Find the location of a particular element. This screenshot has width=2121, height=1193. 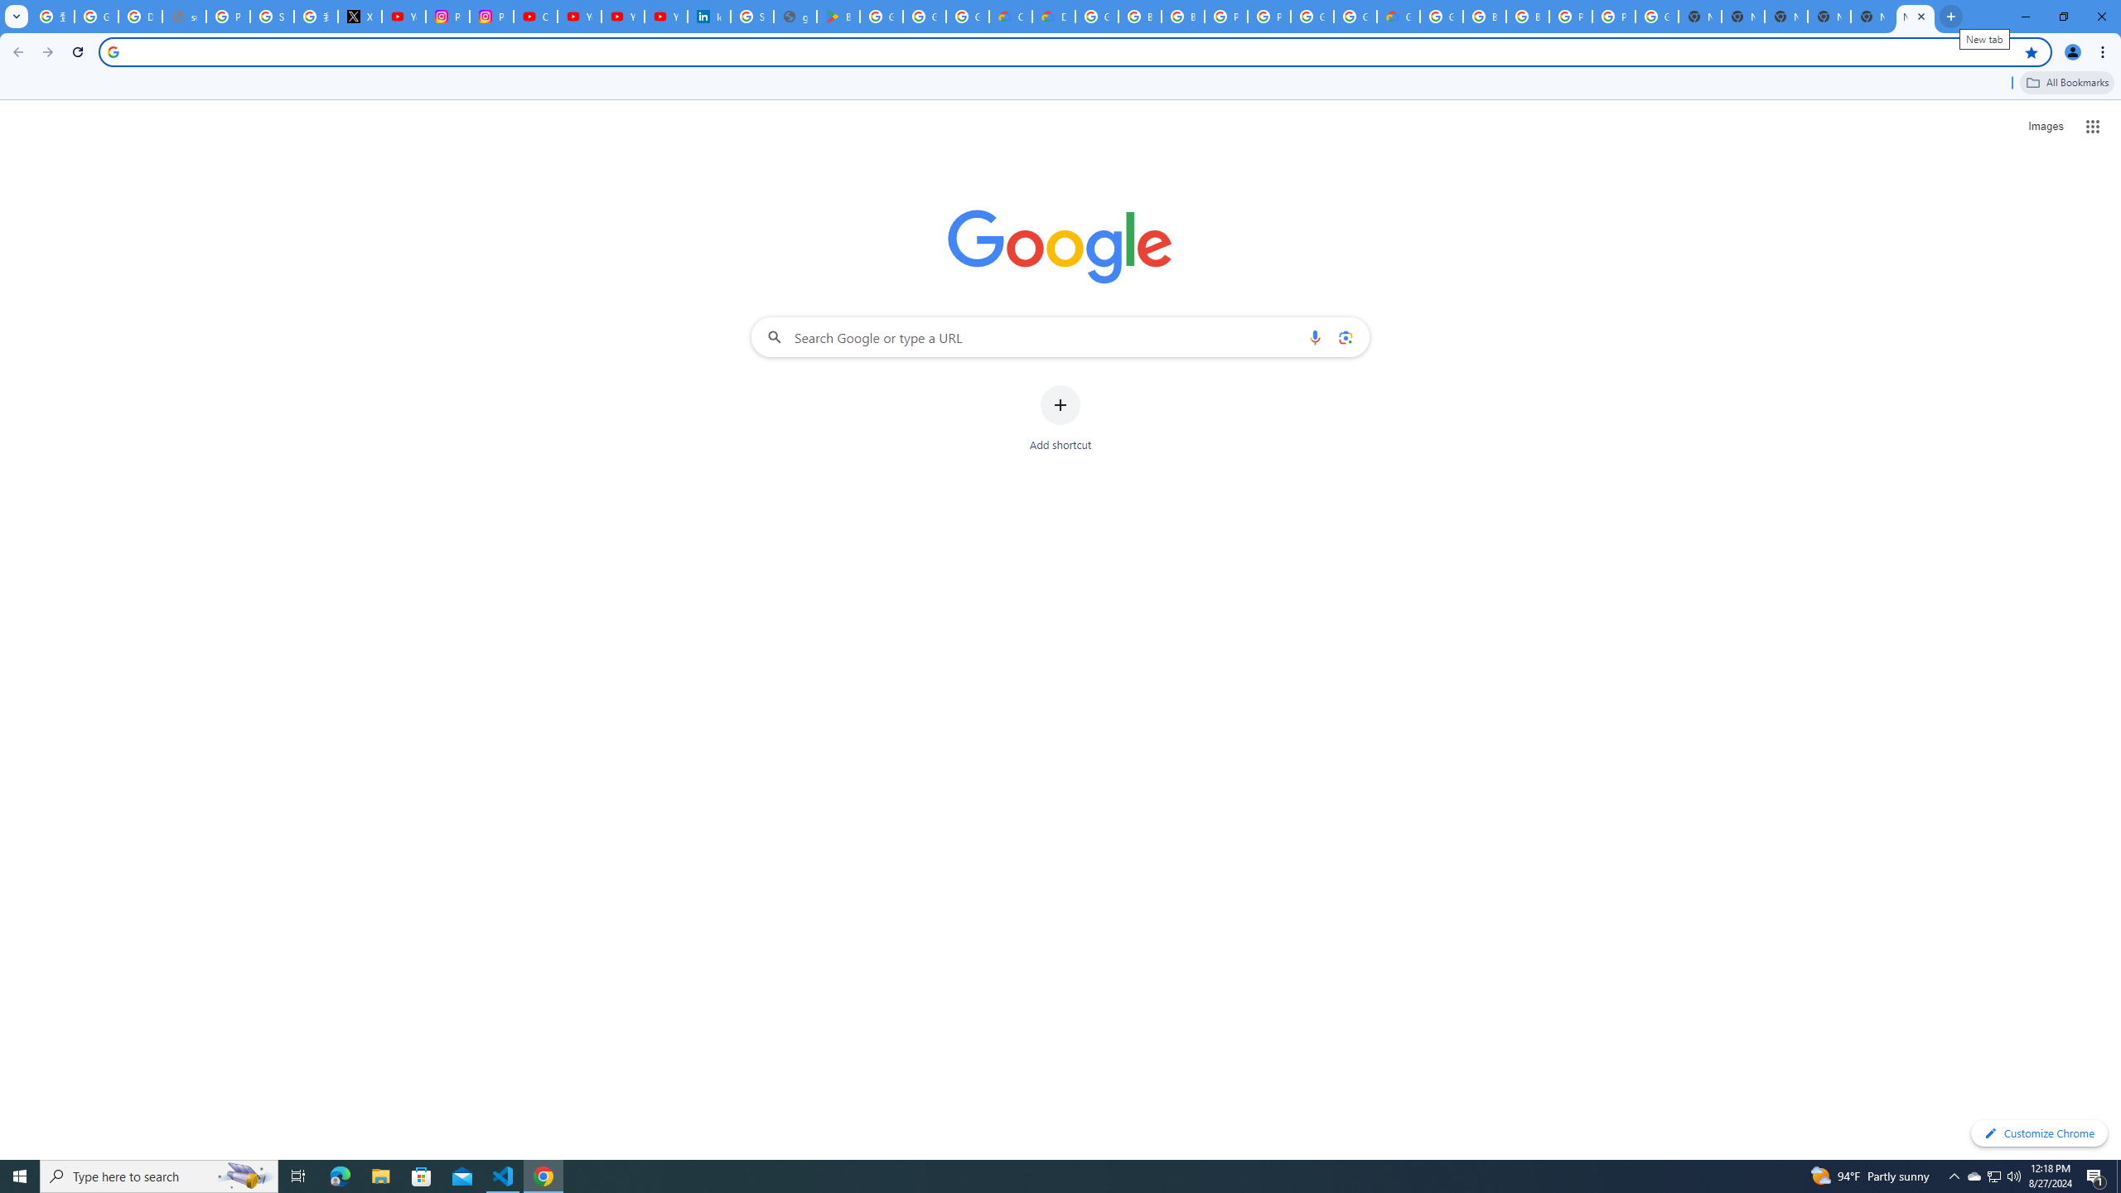

'YouTube Culture & Trends - YouTube Top 10, 2021' is located at coordinates (621, 16).